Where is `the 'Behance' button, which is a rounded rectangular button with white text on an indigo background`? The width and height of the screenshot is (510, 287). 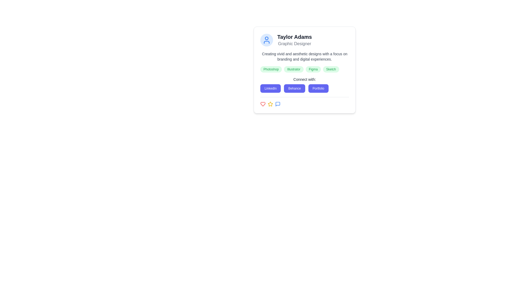
the 'Behance' button, which is a rounded rectangular button with white text on an indigo background is located at coordinates (294, 88).